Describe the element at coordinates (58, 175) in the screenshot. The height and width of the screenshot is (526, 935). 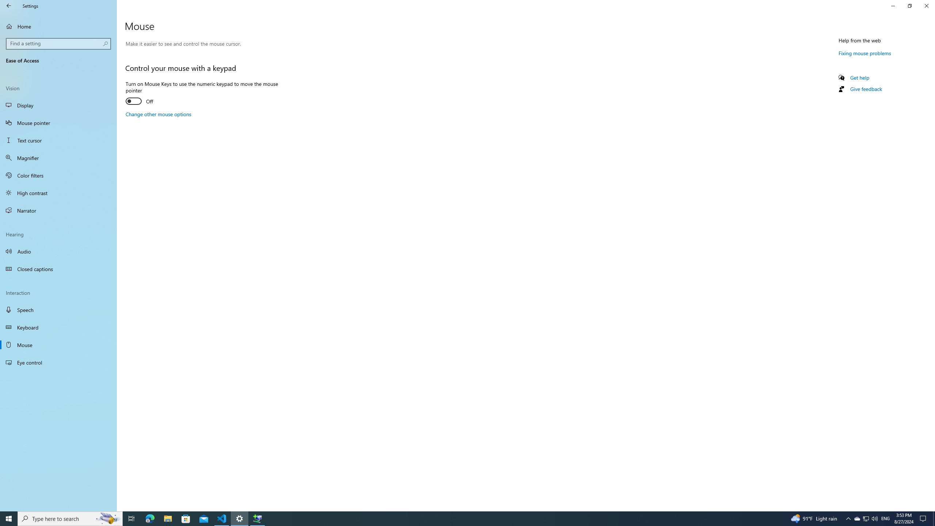
I see `'Color filters'` at that location.